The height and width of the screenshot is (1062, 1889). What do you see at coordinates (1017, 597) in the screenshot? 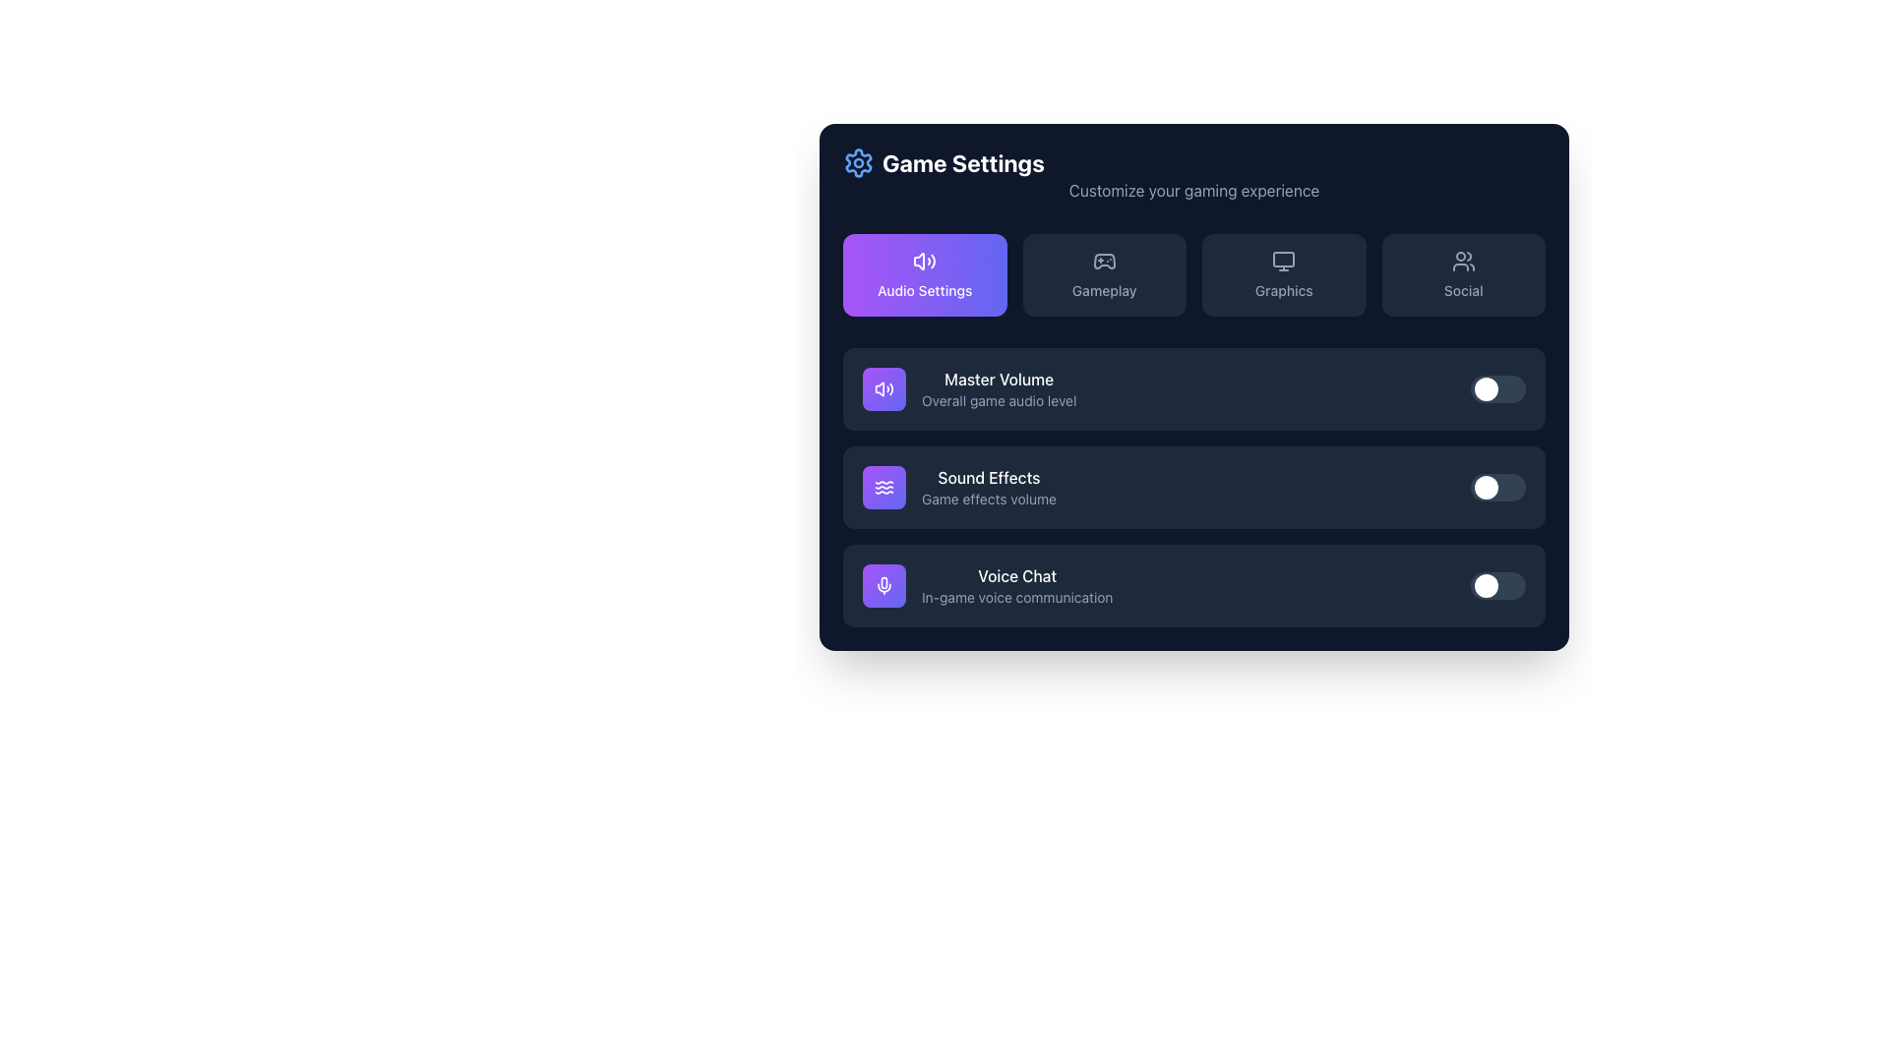
I see `the label providing supplementary information about the 'Voice Chat' feature, located directly below the 'Voice Chat' text in the settings section` at bounding box center [1017, 597].